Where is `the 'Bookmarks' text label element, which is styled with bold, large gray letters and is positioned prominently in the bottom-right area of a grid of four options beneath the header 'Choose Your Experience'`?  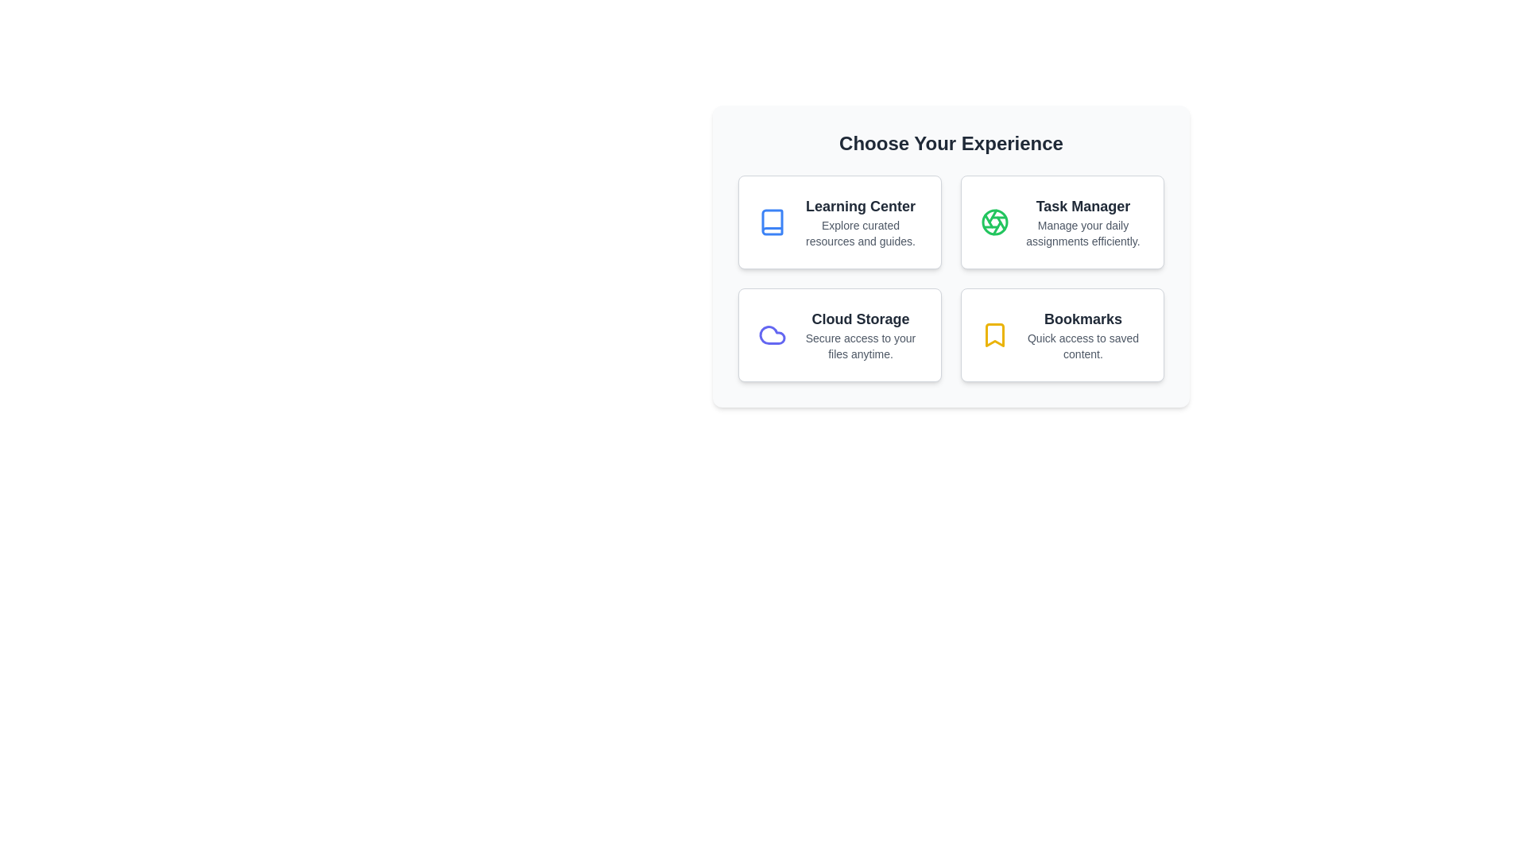 the 'Bookmarks' text label element, which is styled with bold, large gray letters and is positioned prominently in the bottom-right area of a grid of four options beneath the header 'Choose Your Experience' is located at coordinates (1083, 319).